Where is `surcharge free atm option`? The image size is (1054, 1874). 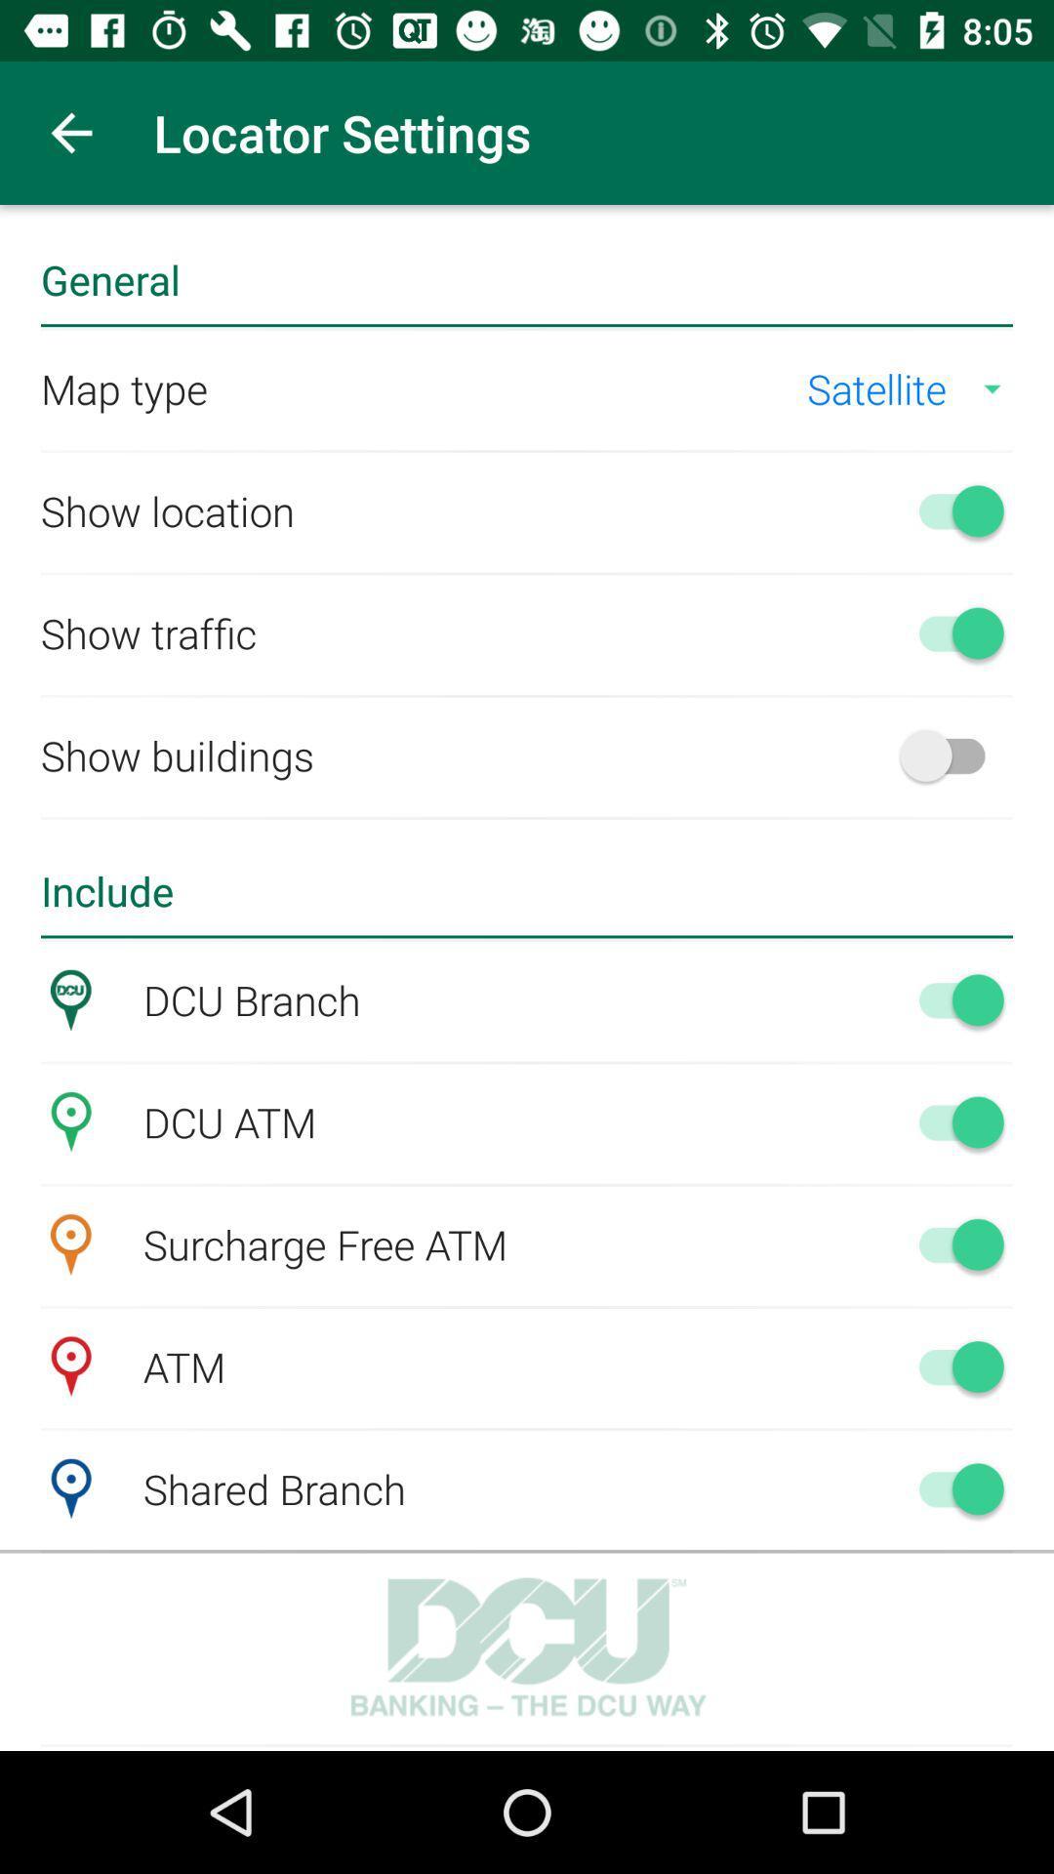 surcharge free atm option is located at coordinates (951, 1243).